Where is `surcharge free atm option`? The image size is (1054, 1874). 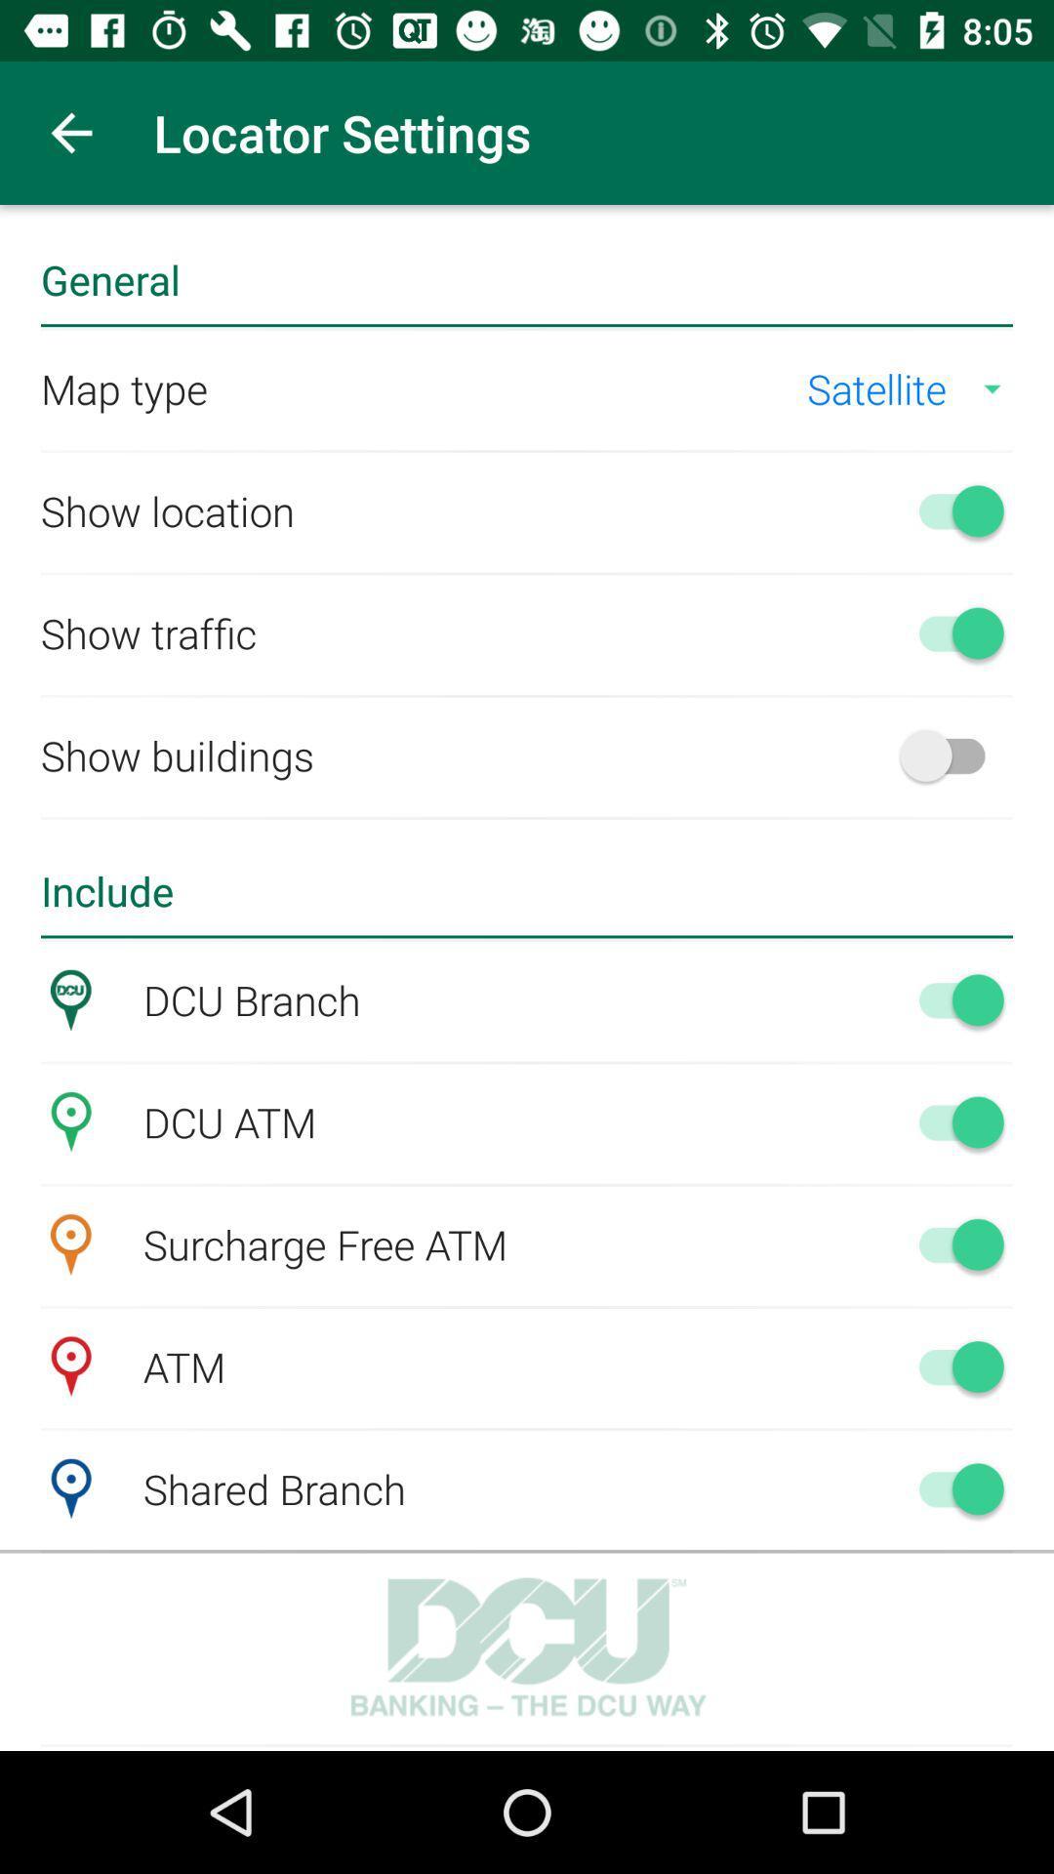 surcharge free atm option is located at coordinates (951, 1243).